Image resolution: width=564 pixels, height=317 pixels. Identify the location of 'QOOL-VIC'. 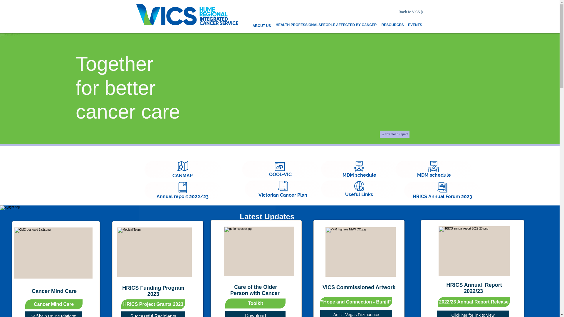
(280, 169).